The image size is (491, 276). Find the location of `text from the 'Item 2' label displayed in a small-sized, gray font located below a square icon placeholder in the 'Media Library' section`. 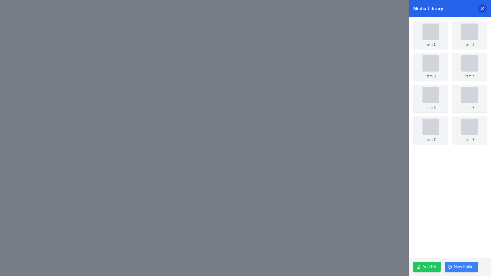

text from the 'Item 2' label displayed in a small-sized, gray font located below a square icon placeholder in the 'Media Library' section is located at coordinates (469, 44).